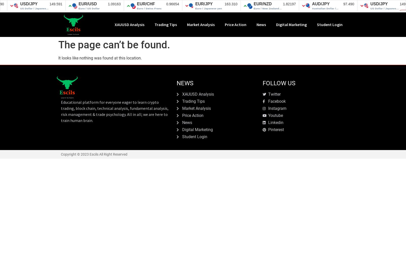  What do you see at coordinates (100, 57) in the screenshot?
I see `'It looks like nothing was found at this location.'` at bounding box center [100, 57].